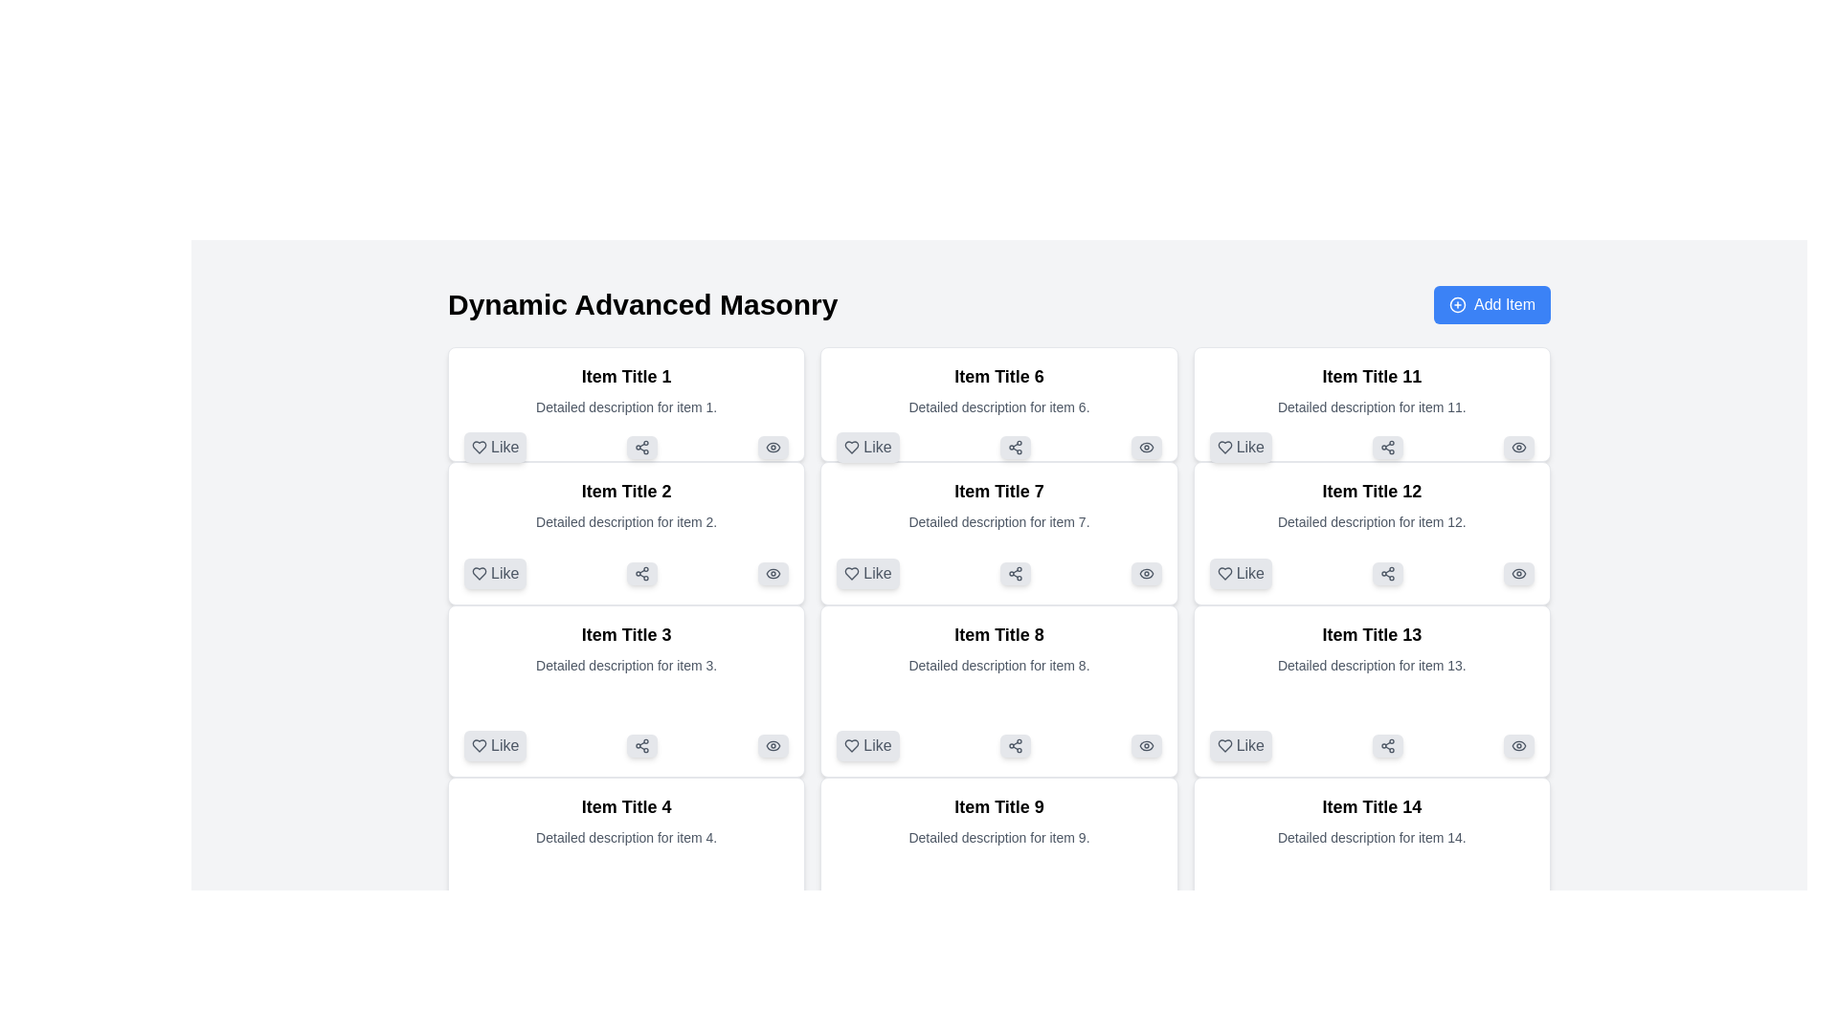 The image size is (1838, 1033). What do you see at coordinates (1371, 854) in the screenshot?
I see `the textual content block containing the title 'Item Title 14' and the description 'Detailed description for item 14'` at bounding box center [1371, 854].